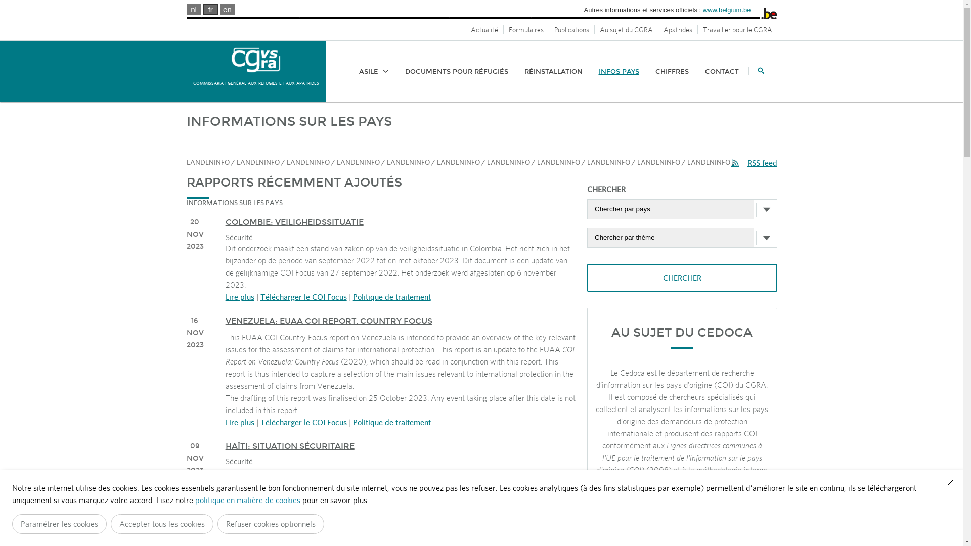 Image resolution: width=971 pixels, height=546 pixels. I want to click on 'Apatrides', so click(678, 29).